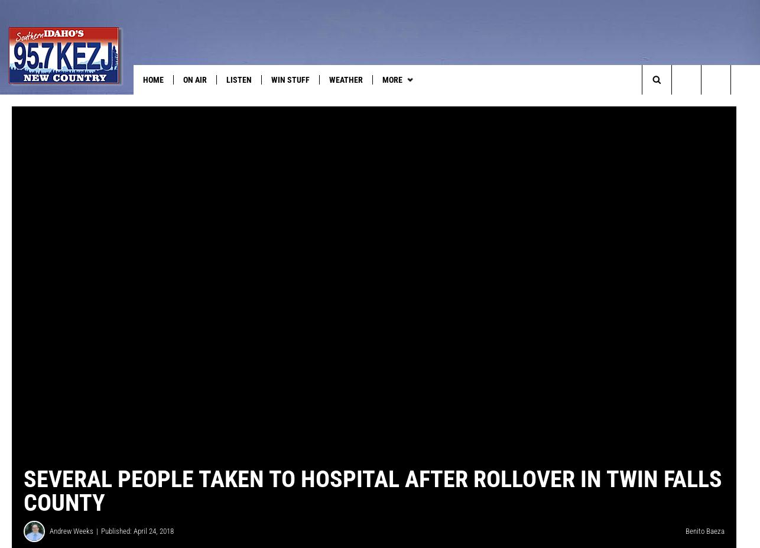 This screenshot has width=760, height=548. I want to click on 'Listen', so click(225, 79).